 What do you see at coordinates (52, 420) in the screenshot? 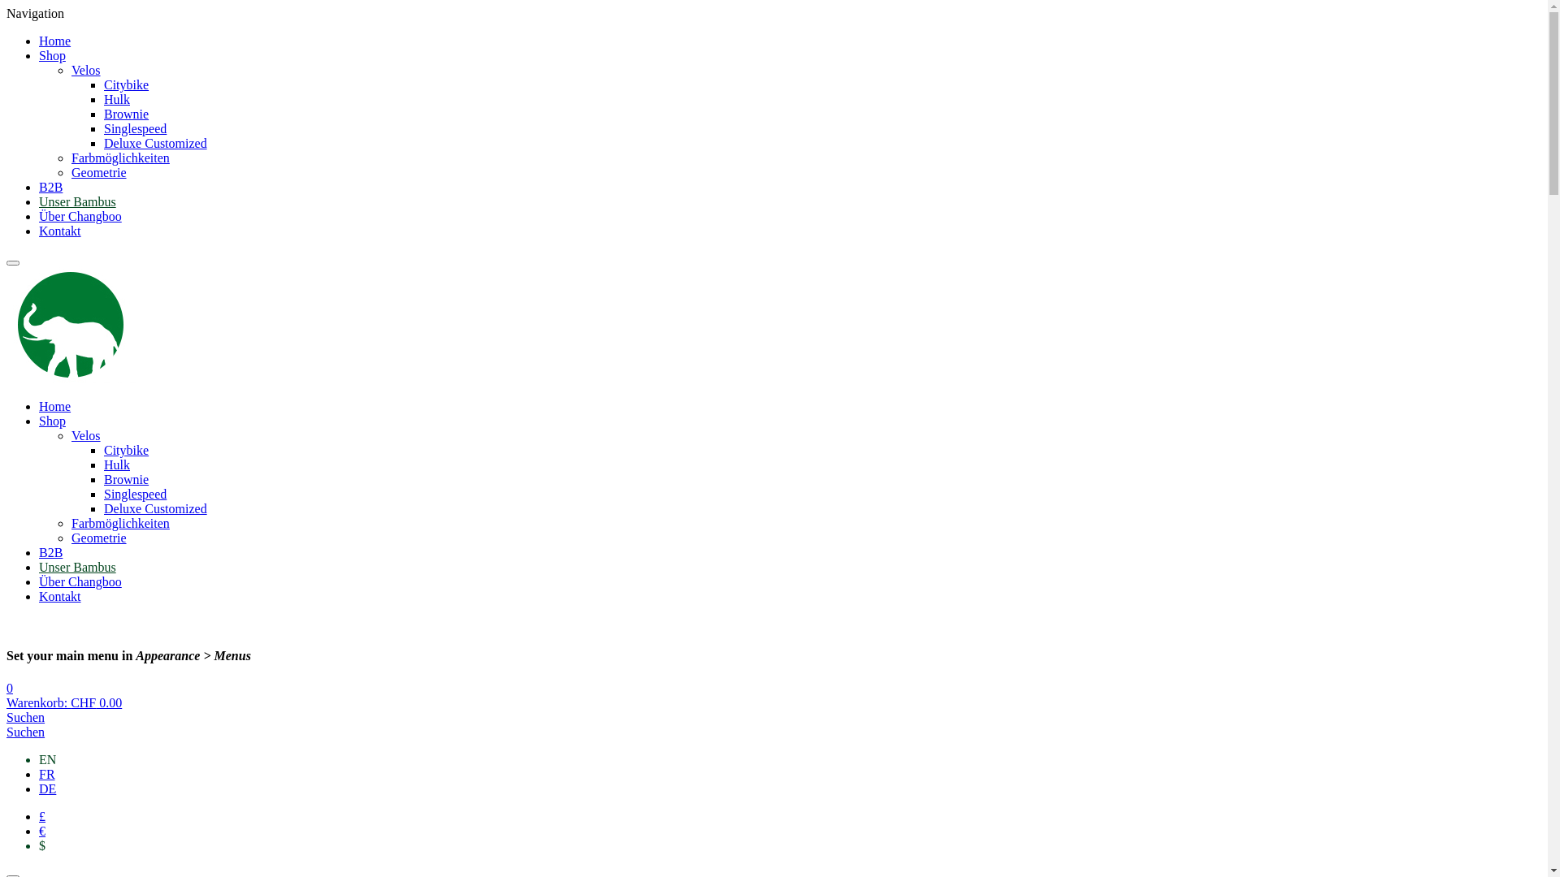
I see `'Shop'` at bounding box center [52, 420].